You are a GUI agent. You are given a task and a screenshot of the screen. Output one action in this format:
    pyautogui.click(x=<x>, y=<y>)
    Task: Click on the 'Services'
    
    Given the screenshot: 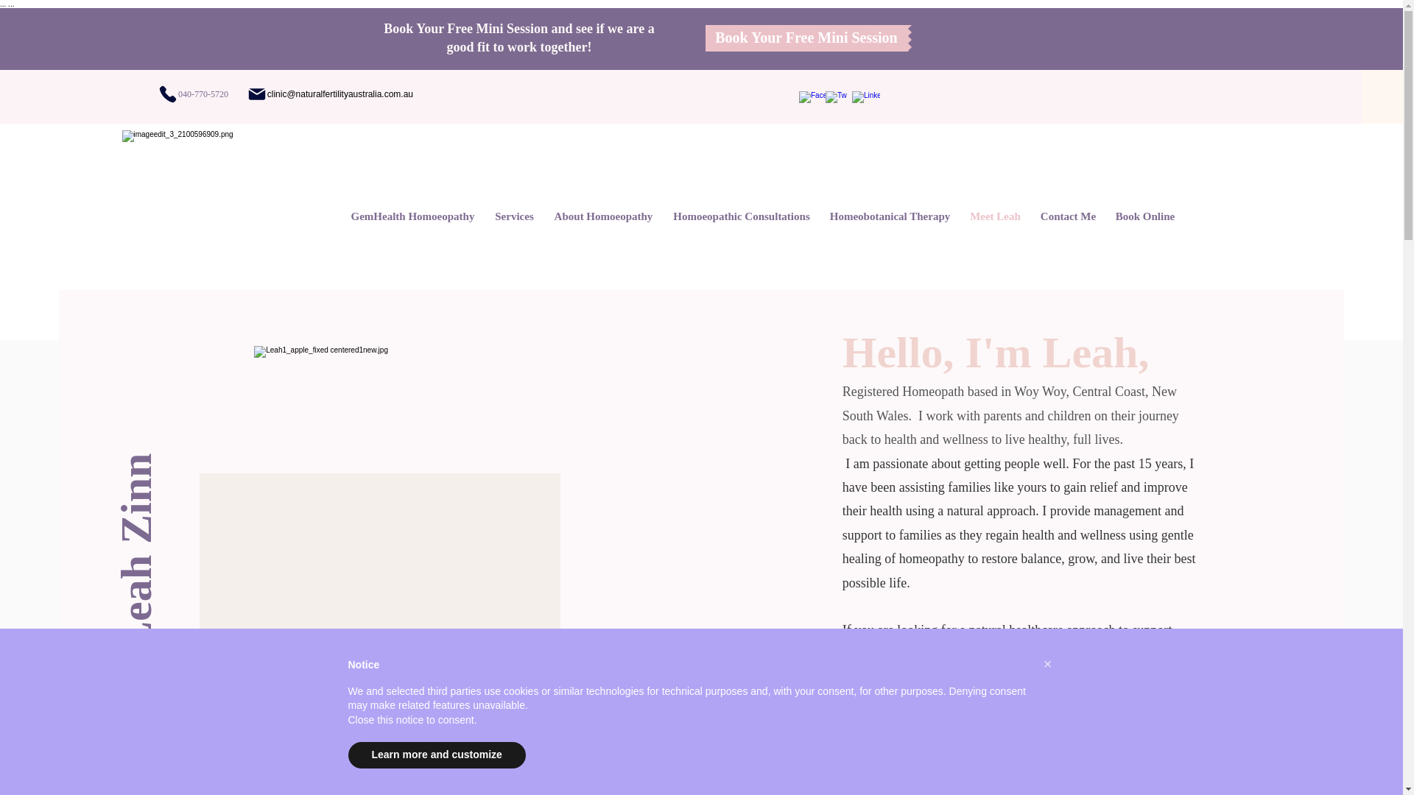 What is the action you would take?
    pyautogui.click(x=484, y=216)
    